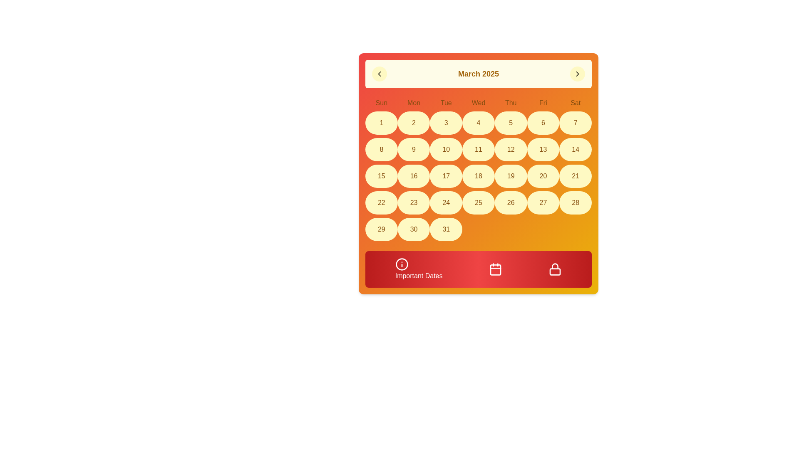 The image size is (799, 449). I want to click on the yellow circular button displaying the number '12' in brown font, located in the fifth column of the third row of the calendar grid, so click(510, 149).